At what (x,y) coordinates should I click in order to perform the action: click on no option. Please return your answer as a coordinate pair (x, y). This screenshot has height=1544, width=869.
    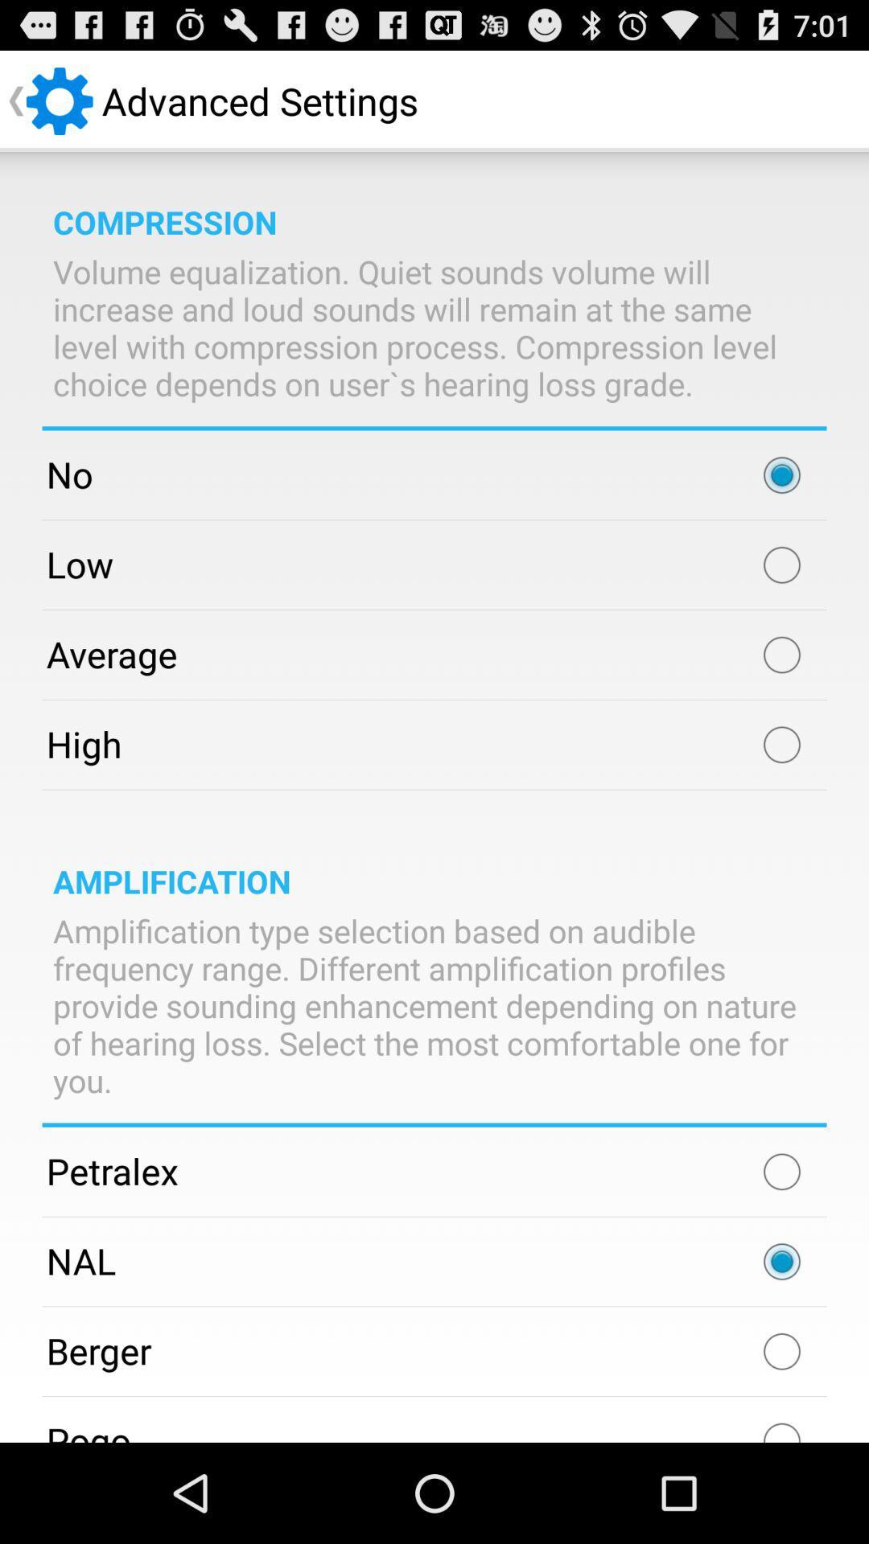
    Looking at the image, I should click on (781, 474).